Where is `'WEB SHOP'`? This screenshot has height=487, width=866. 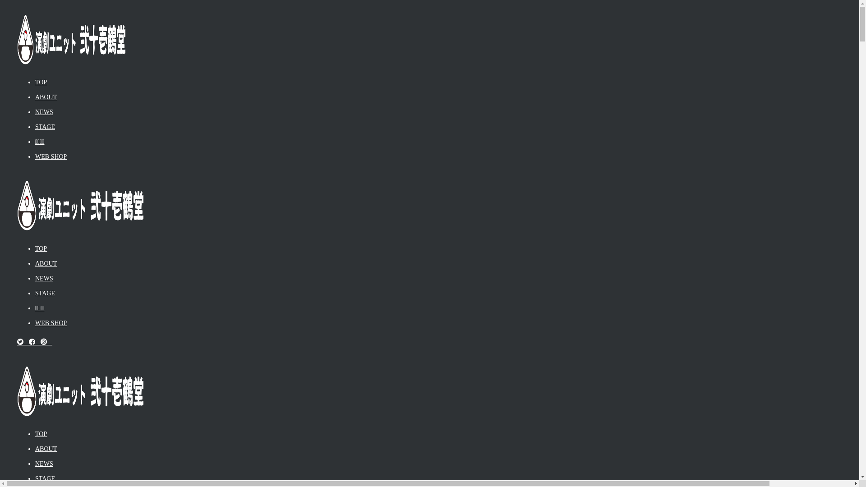 'WEB SHOP' is located at coordinates (51, 156).